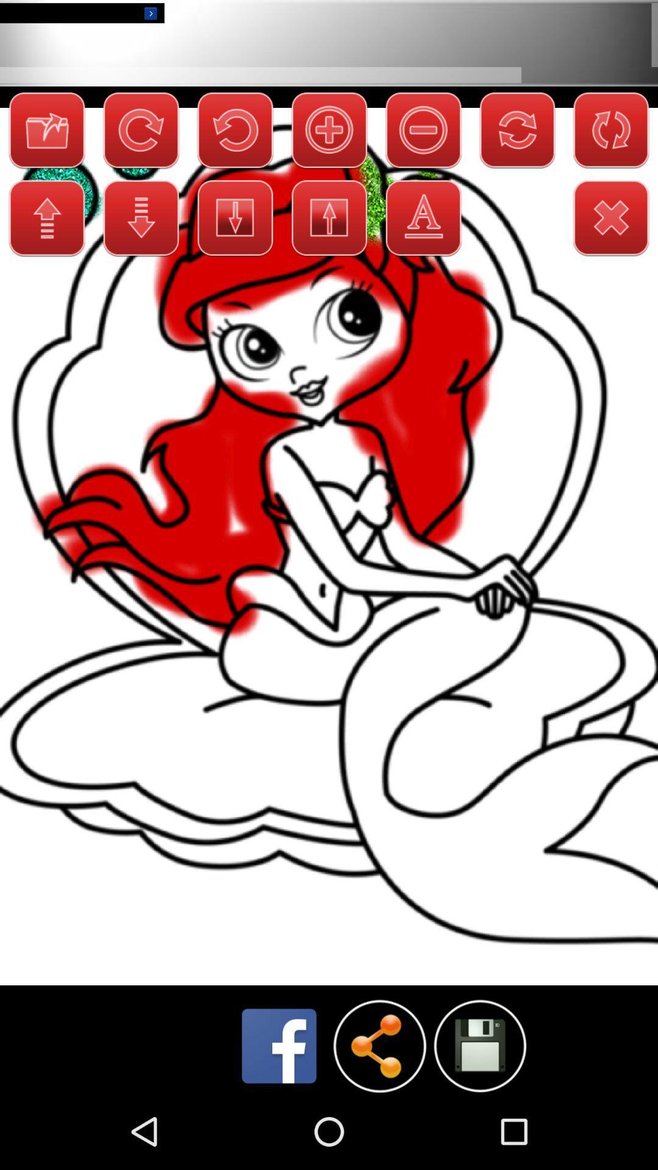 This screenshot has width=658, height=1170. I want to click on image, so click(479, 1045).